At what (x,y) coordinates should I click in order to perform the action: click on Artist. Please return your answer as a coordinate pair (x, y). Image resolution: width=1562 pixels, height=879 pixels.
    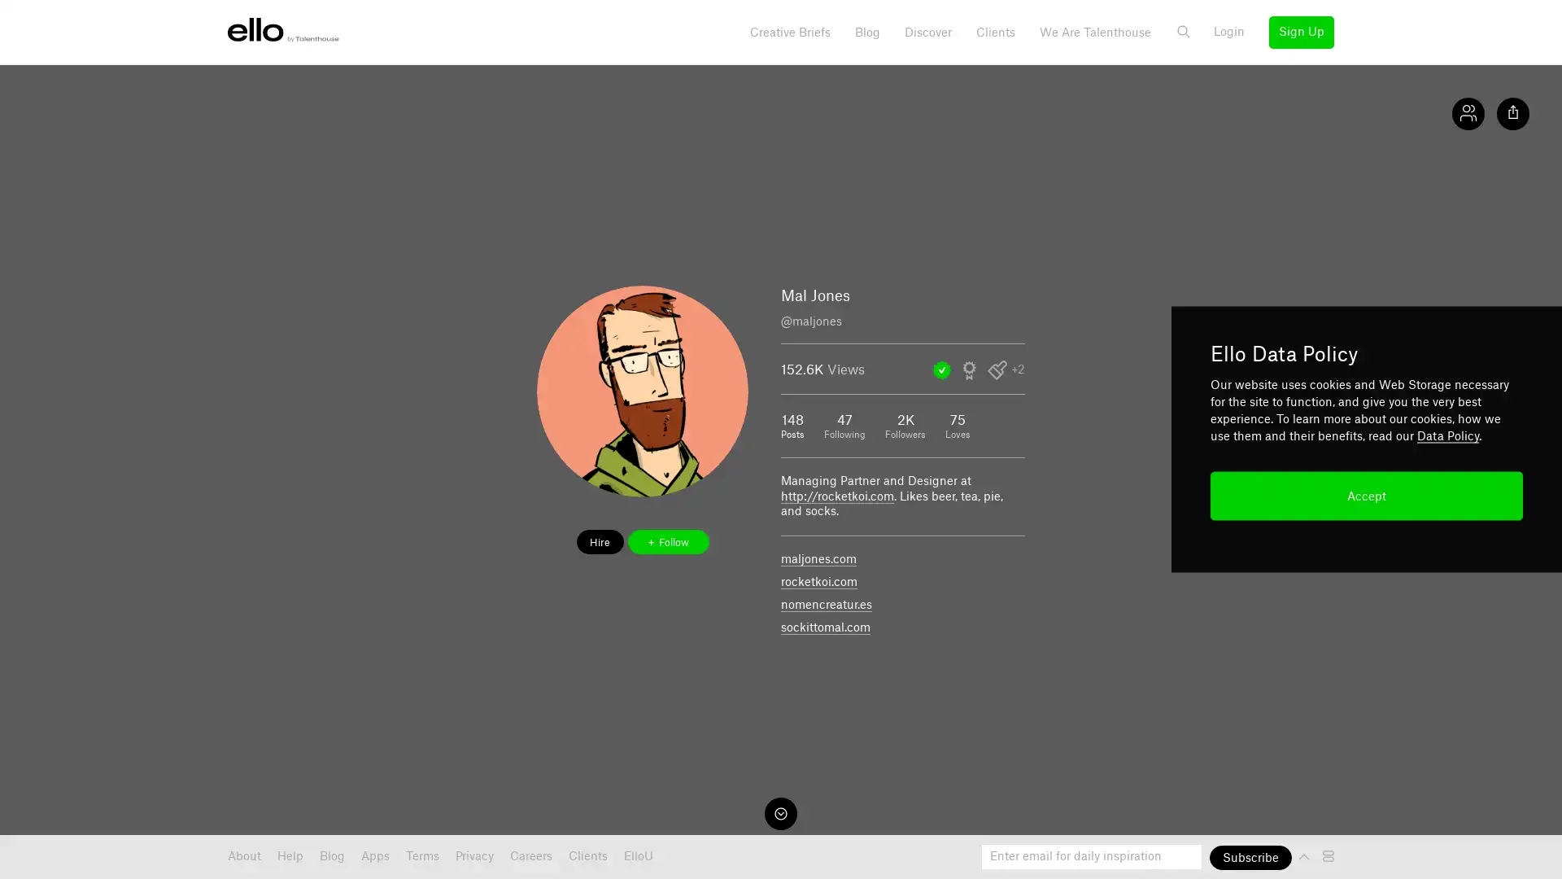
    Looking at the image, I should click on (996, 370).